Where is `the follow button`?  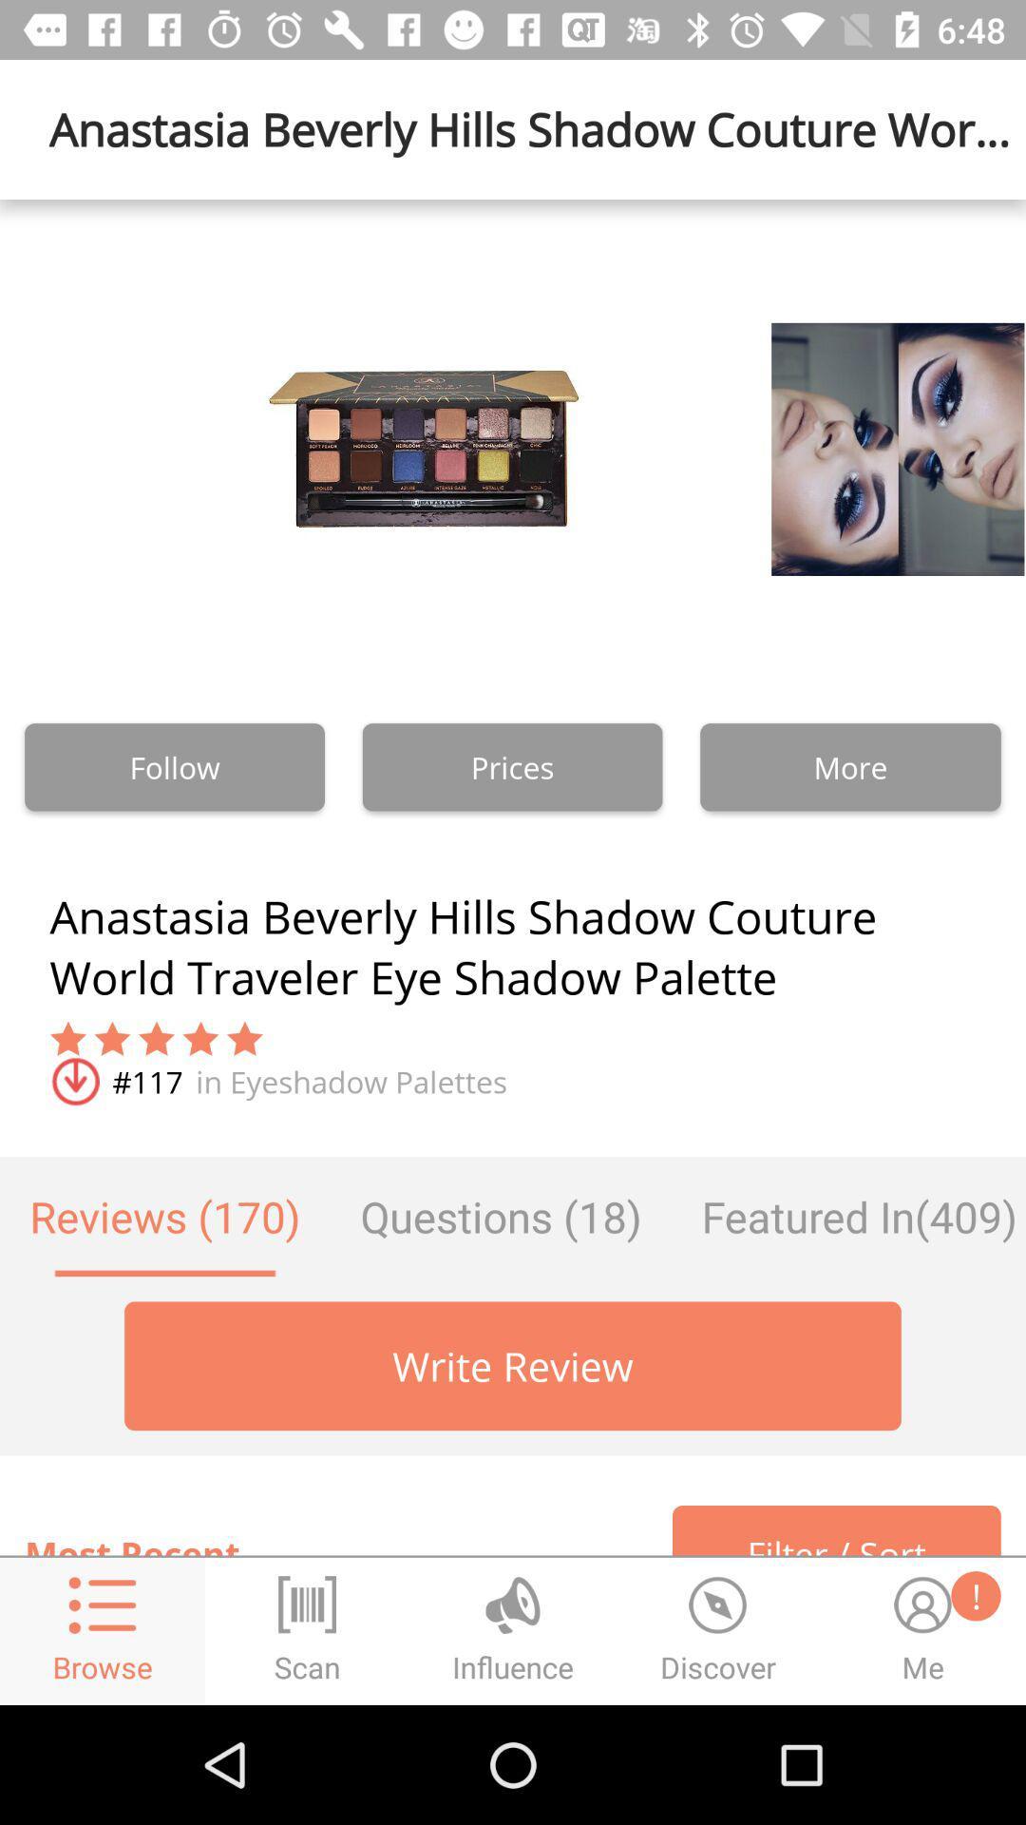 the follow button is located at coordinates (175, 767).